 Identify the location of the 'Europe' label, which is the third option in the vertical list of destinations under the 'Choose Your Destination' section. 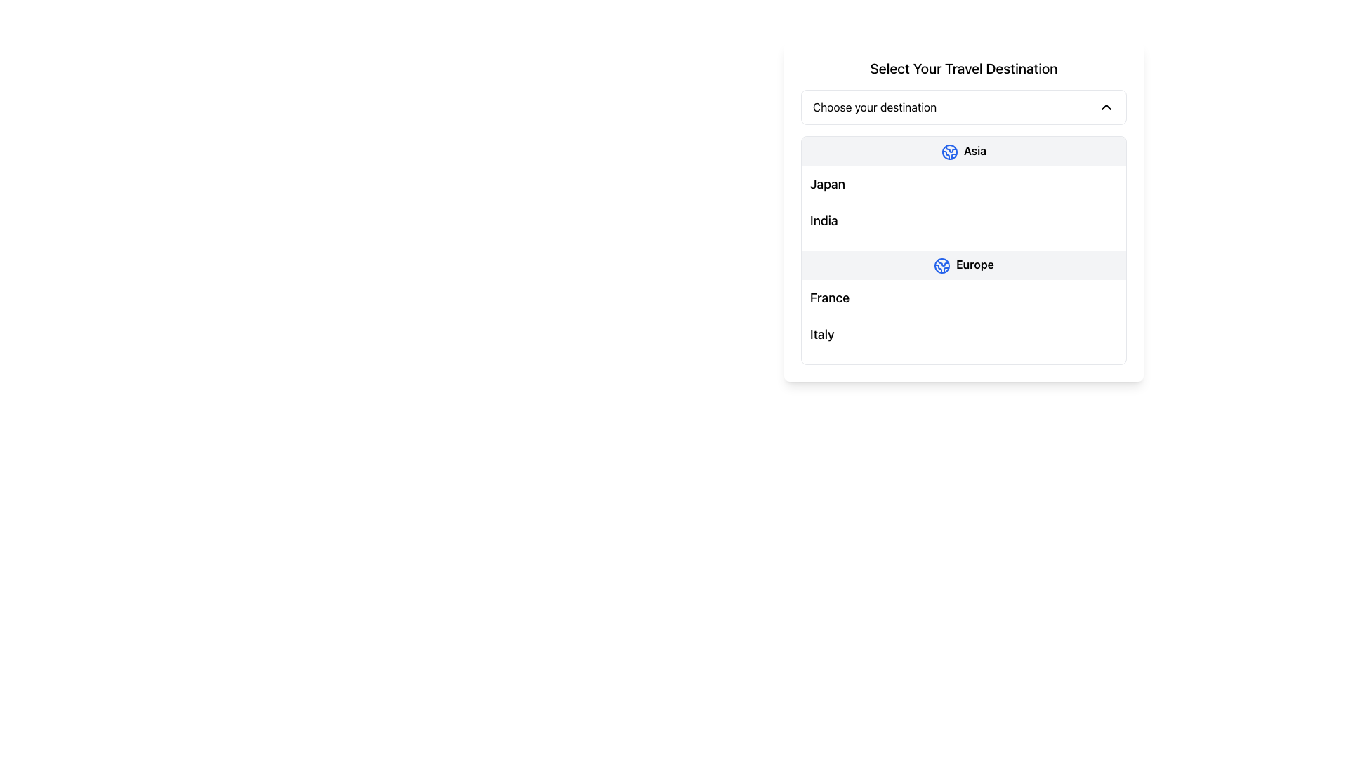
(963, 265).